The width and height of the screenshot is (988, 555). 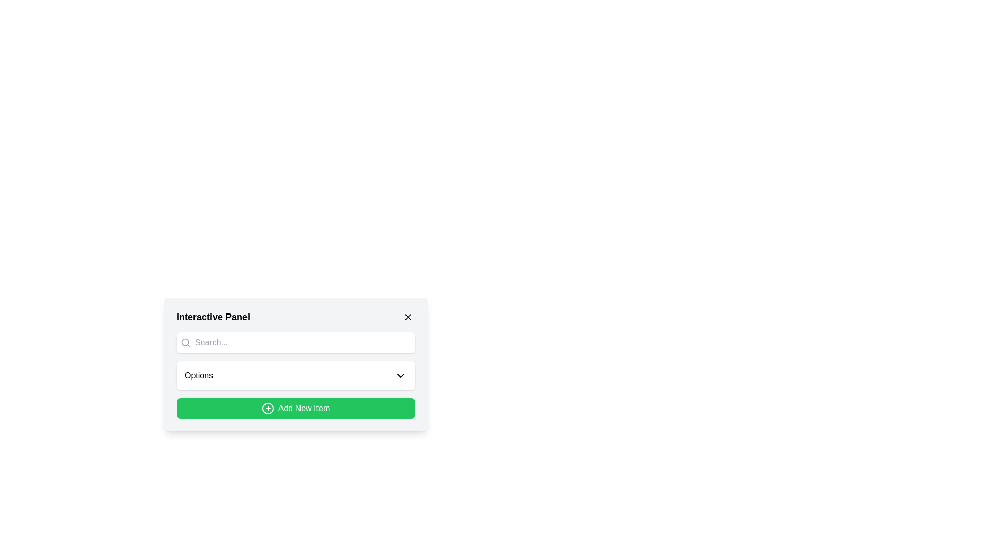 What do you see at coordinates (199, 376) in the screenshot?
I see `the Text label for the dropdown menu, which displays the currently selected item` at bounding box center [199, 376].